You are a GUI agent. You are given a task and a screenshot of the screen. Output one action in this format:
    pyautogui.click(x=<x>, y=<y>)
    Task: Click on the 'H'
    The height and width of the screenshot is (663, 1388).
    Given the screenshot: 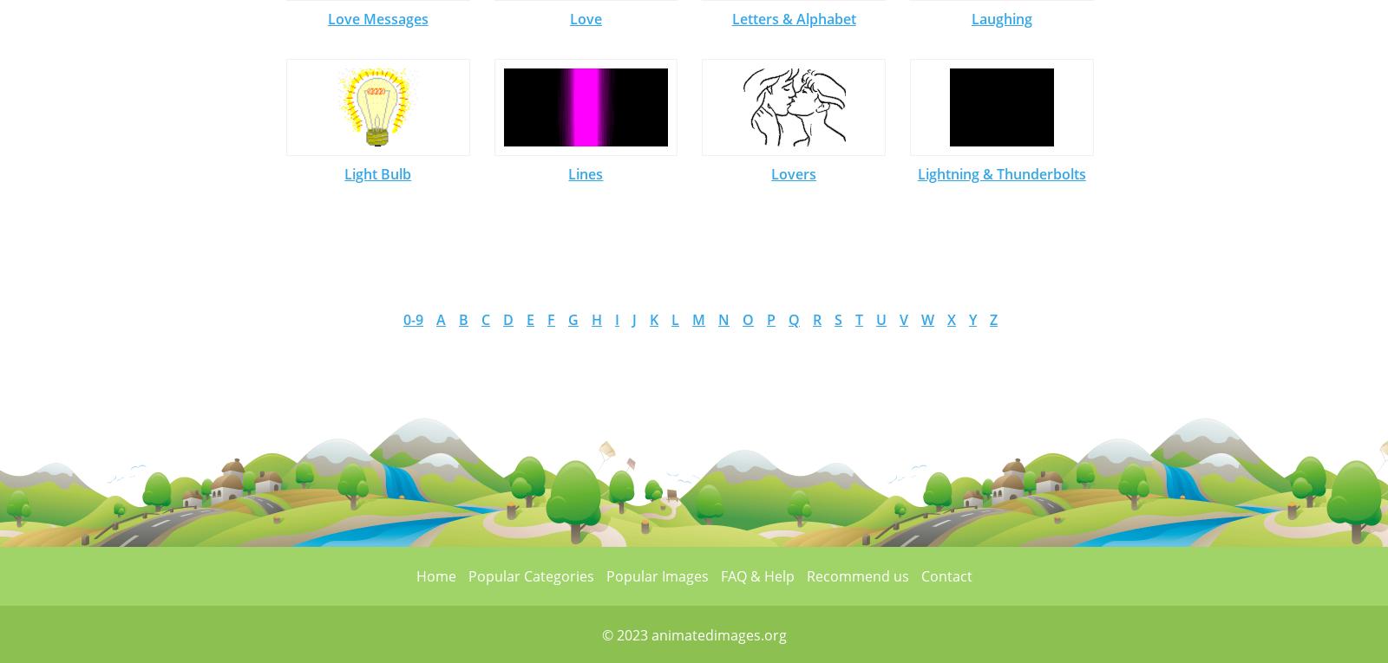 What is the action you would take?
    pyautogui.click(x=597, y=319)
    